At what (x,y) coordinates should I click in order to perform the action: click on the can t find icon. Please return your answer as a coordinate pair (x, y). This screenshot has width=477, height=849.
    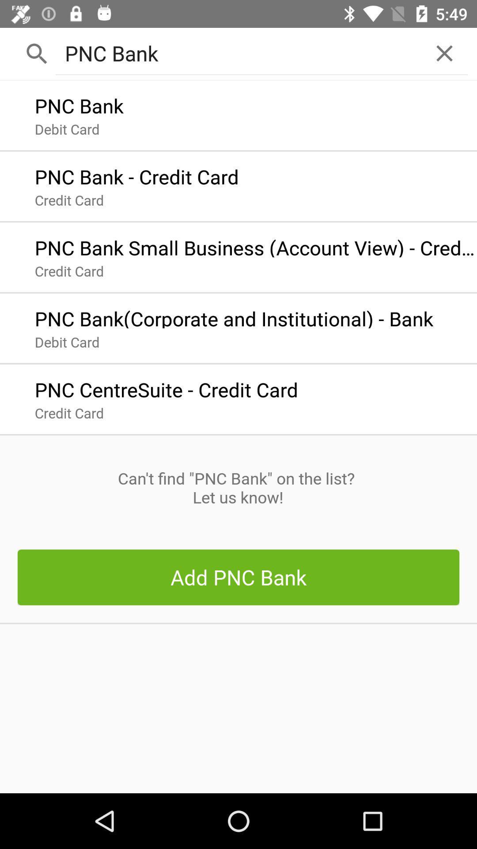
    Looking at the image, I should click on (238, 487).